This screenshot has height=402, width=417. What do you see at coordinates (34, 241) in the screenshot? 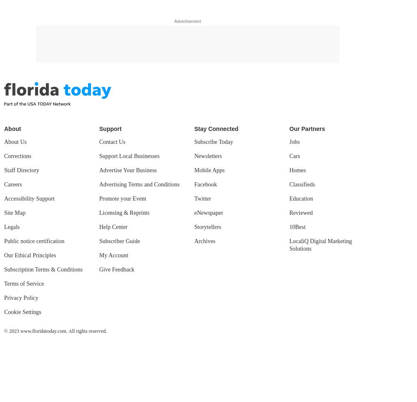
I see `'Public notice certification'` at bounding box center [34, 241].